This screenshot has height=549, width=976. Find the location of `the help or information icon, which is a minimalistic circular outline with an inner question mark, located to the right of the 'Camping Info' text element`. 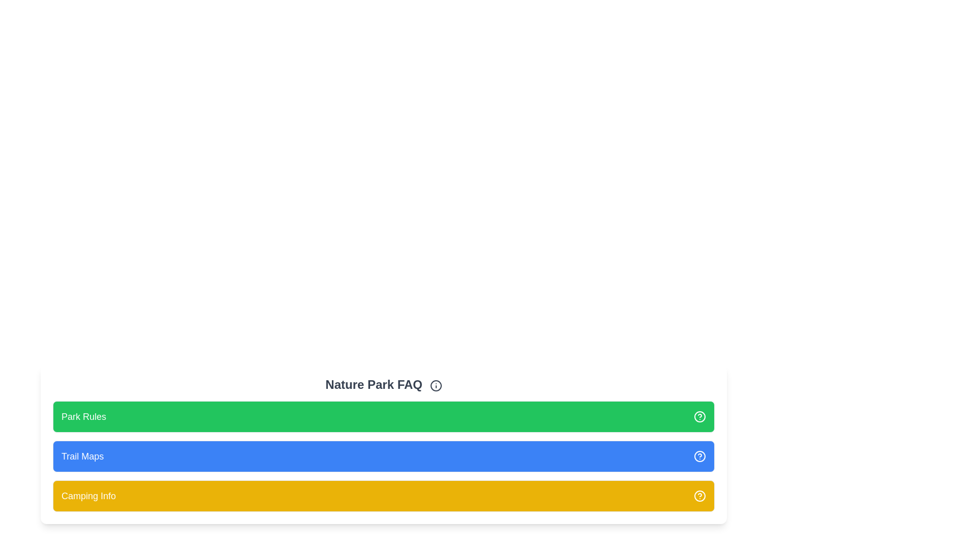

the help or information icon, which is a minimalistic circular outline with an inner question mark, located to the right of the 'Camping Info' text element is located at coordinates (699, 495).